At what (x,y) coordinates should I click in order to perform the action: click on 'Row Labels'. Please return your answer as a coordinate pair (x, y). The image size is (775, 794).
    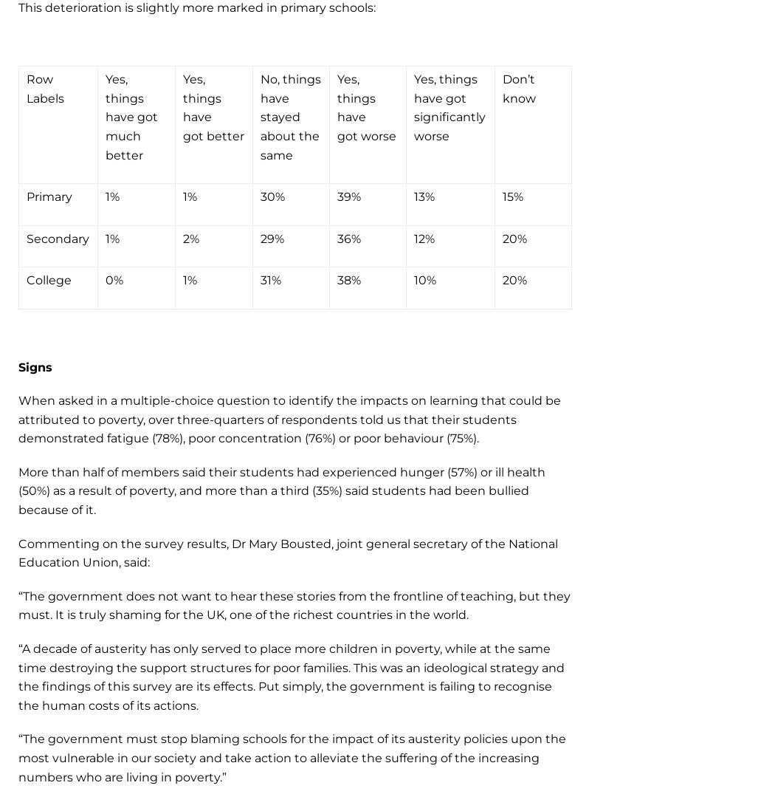
    Looking at the image, I should click on (44, 87).